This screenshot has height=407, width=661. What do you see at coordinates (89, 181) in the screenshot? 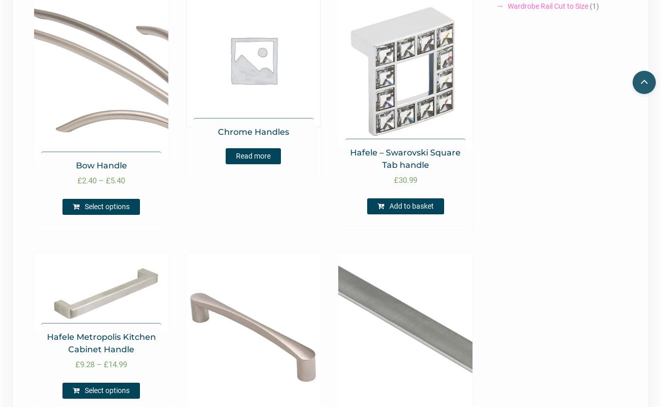
I see `'2.40'` at bounding box center [89, 181].